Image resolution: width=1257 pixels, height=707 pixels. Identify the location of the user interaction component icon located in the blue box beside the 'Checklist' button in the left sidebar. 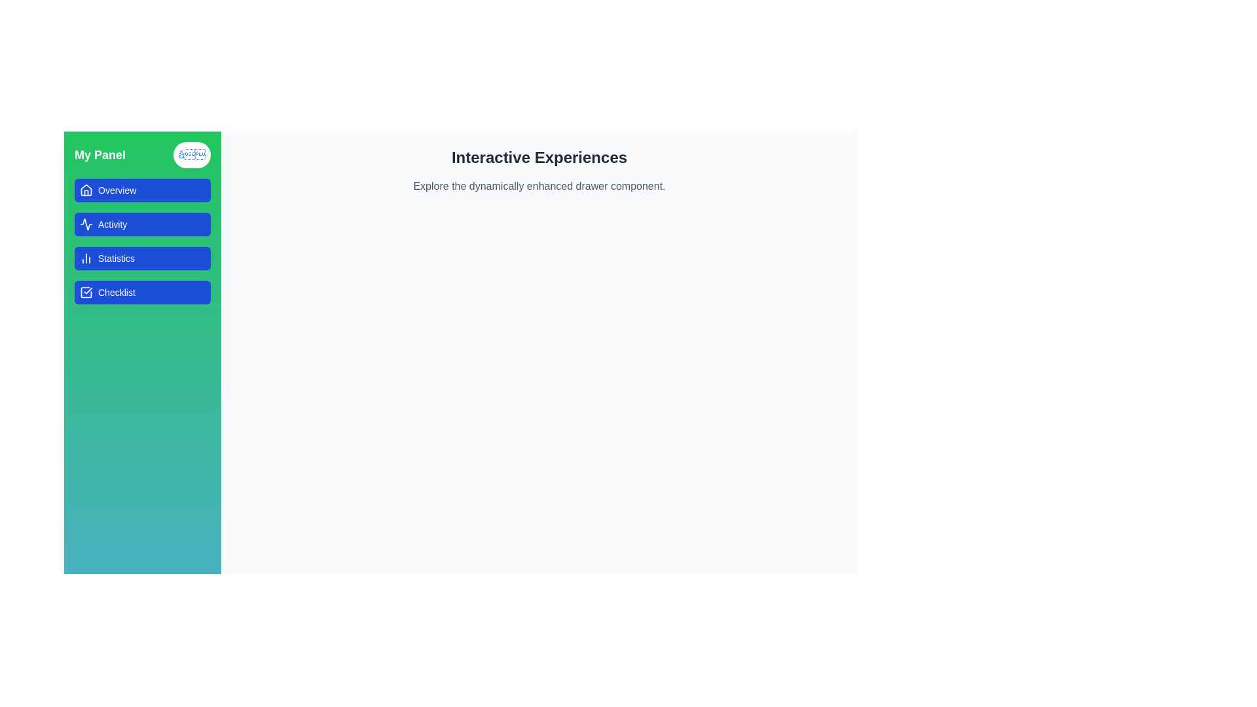
(86, 292).